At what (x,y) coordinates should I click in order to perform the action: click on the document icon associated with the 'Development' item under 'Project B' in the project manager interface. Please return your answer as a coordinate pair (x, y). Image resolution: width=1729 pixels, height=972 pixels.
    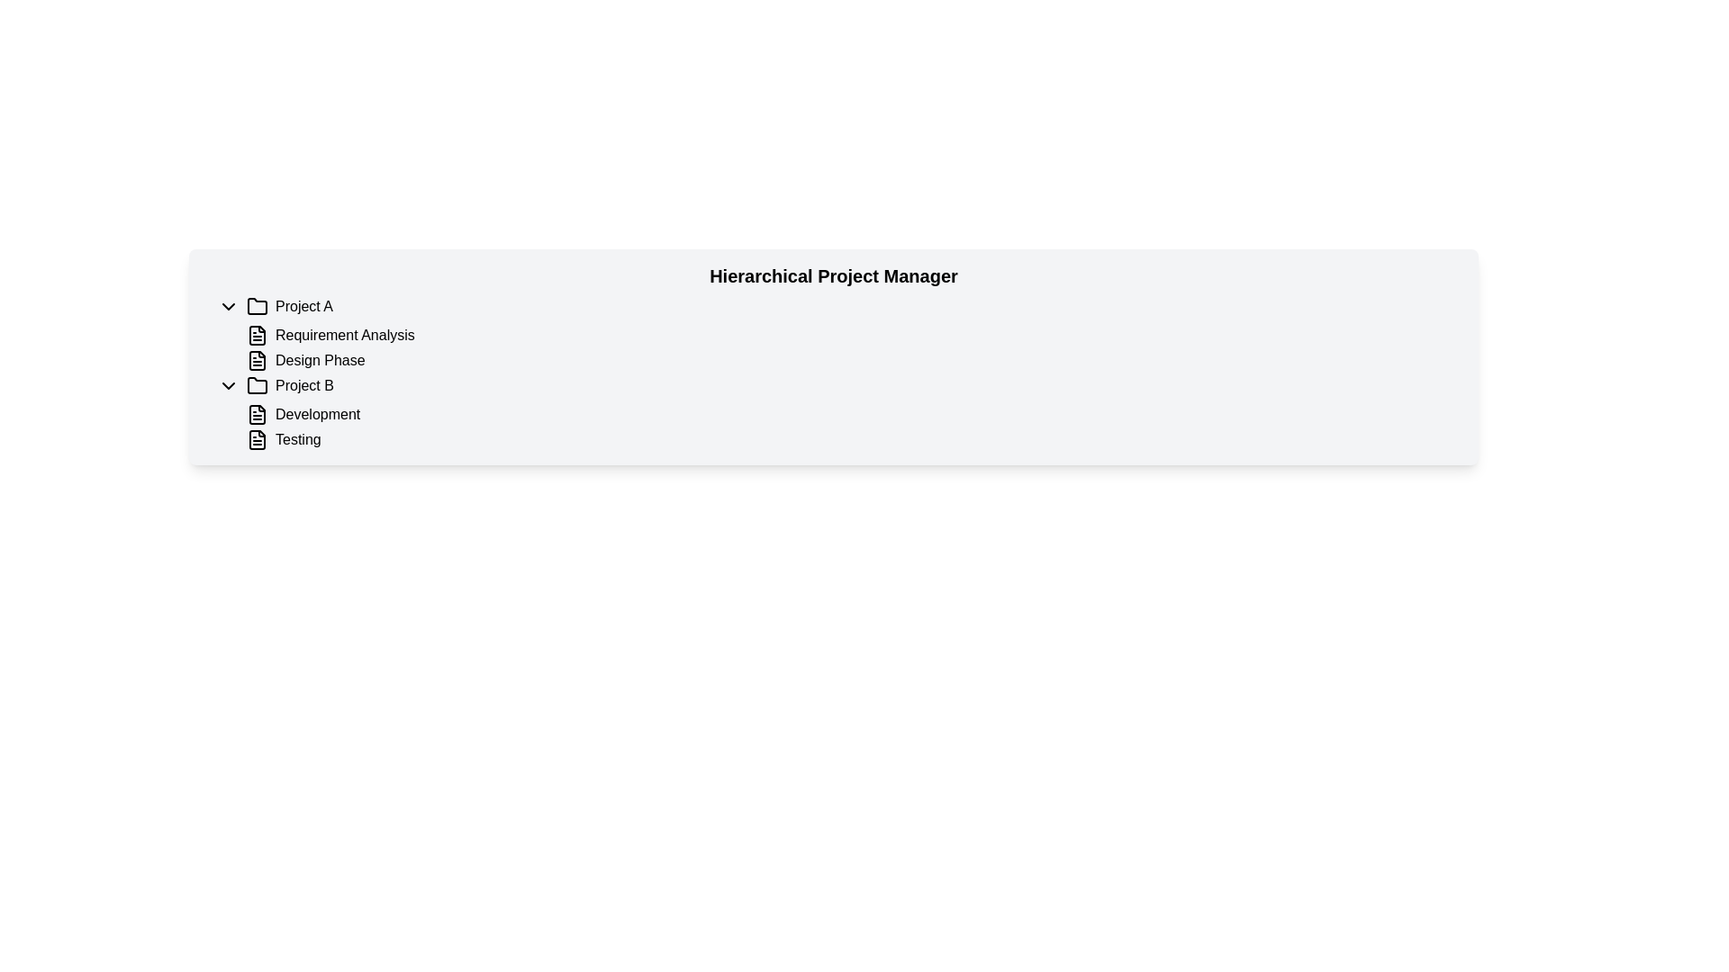
    Looking at the image, I should click on (257, 415).